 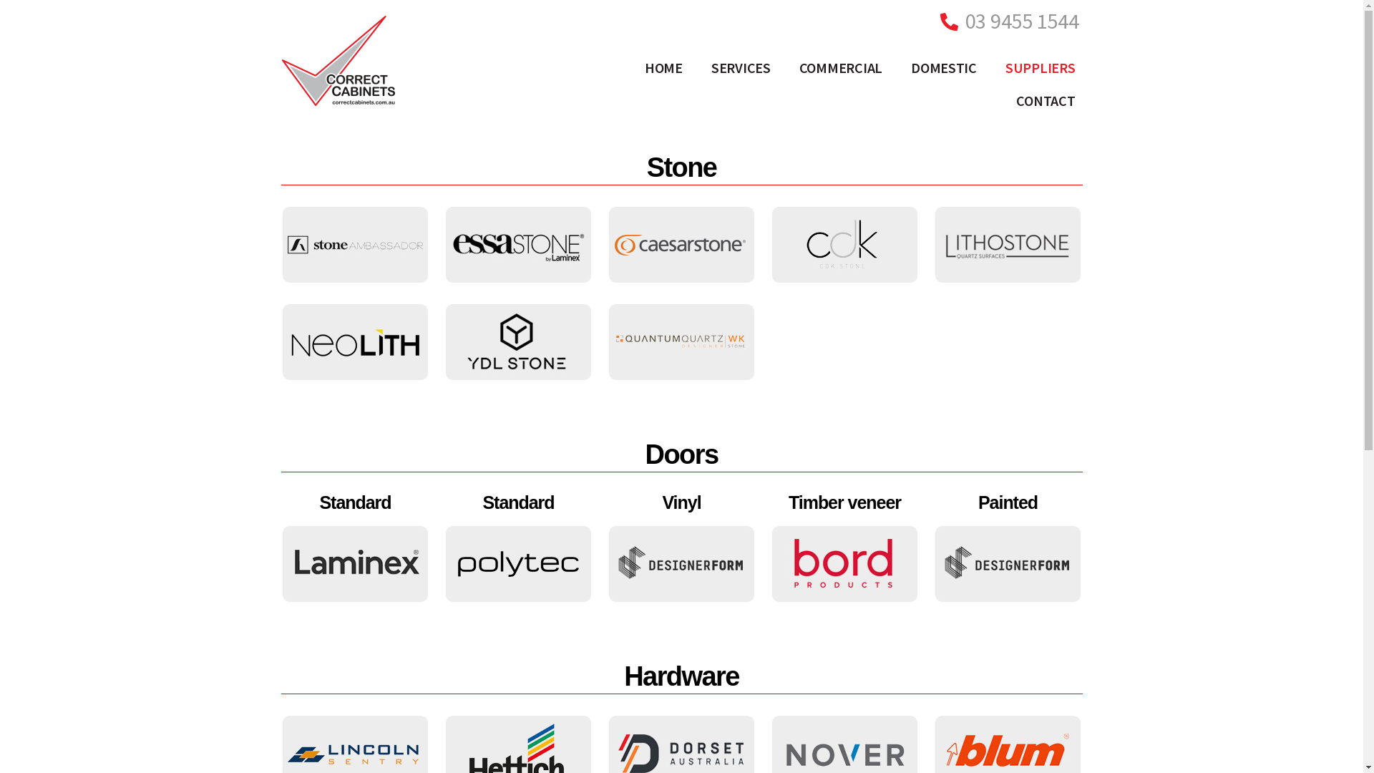 What do you see at coordinates (630, 68) in the screenshot?
I see `'HOME'` at bounding box center [630, 68].